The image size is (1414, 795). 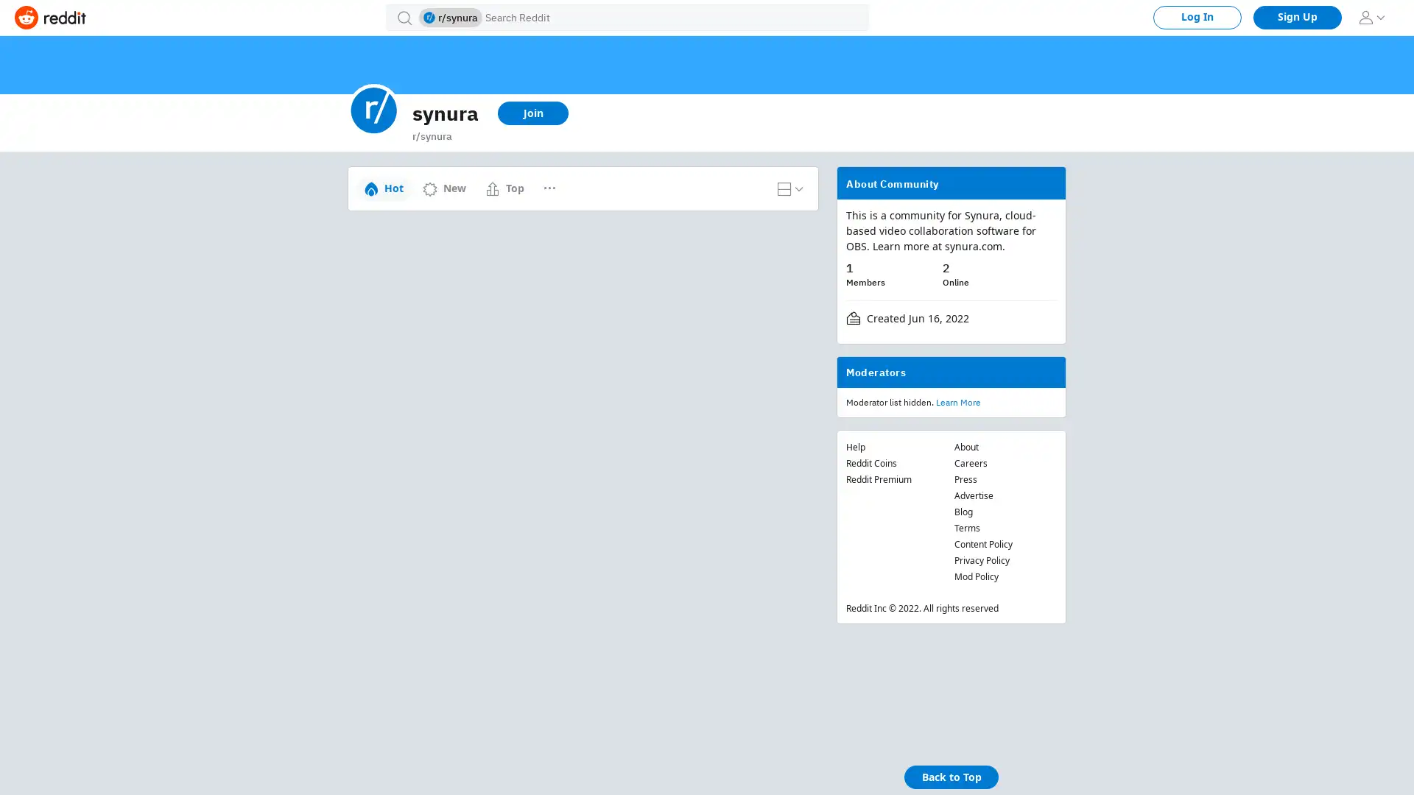 What do you see at coordinates (571, 181) in the screenshot?
I see `New Posts` at bounding box center [571, 181].